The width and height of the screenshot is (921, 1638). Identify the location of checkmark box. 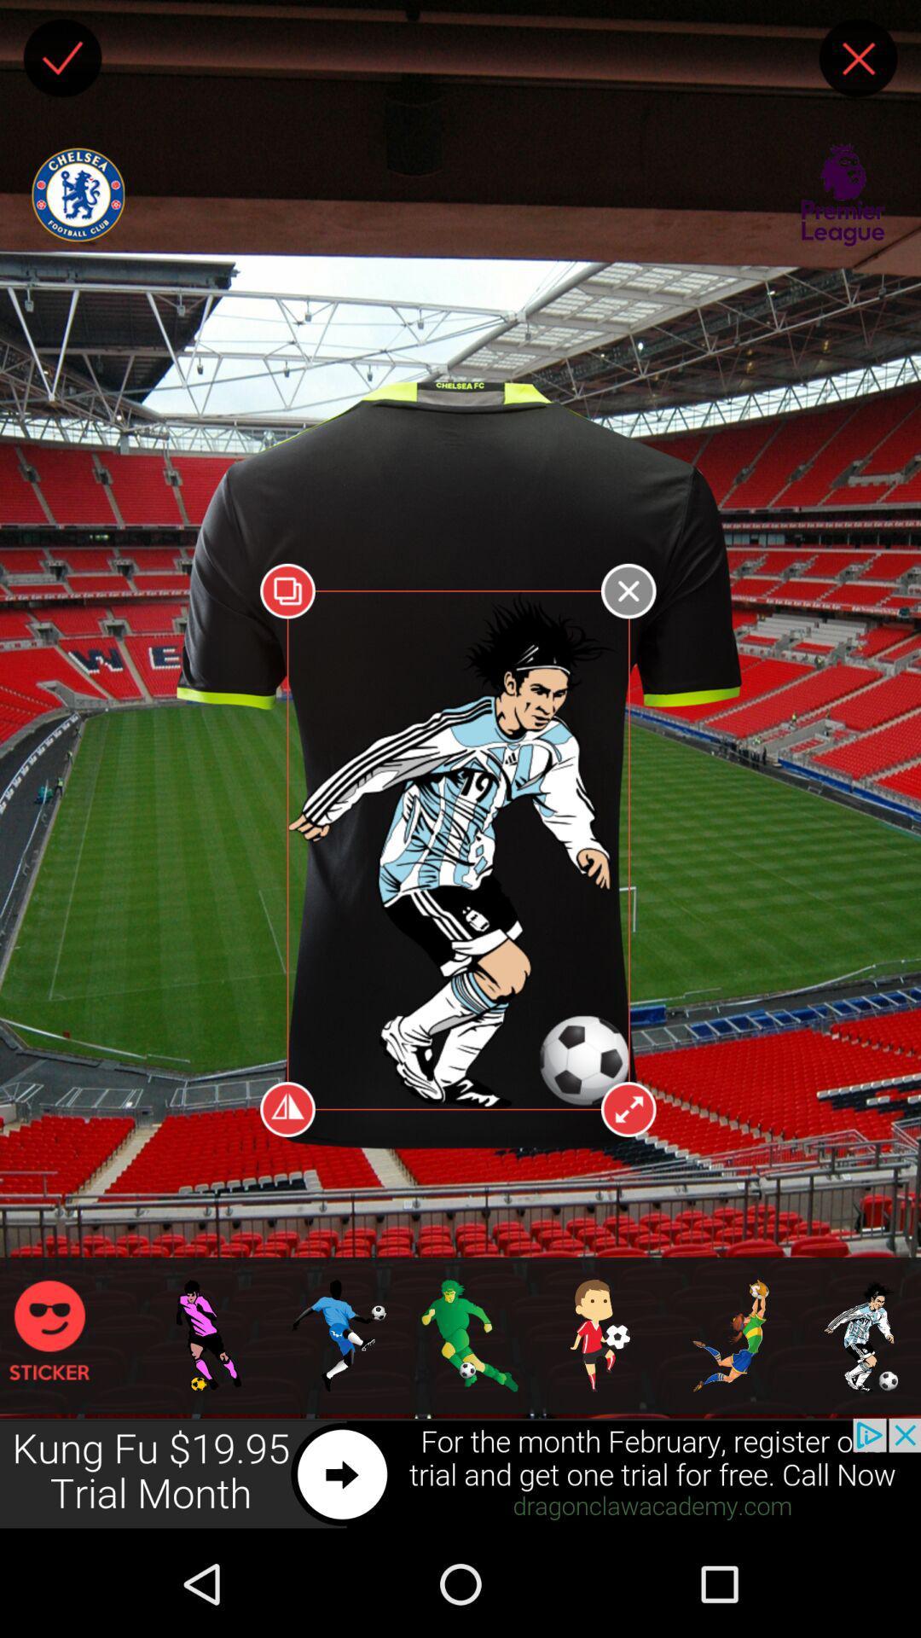
(61, 58).